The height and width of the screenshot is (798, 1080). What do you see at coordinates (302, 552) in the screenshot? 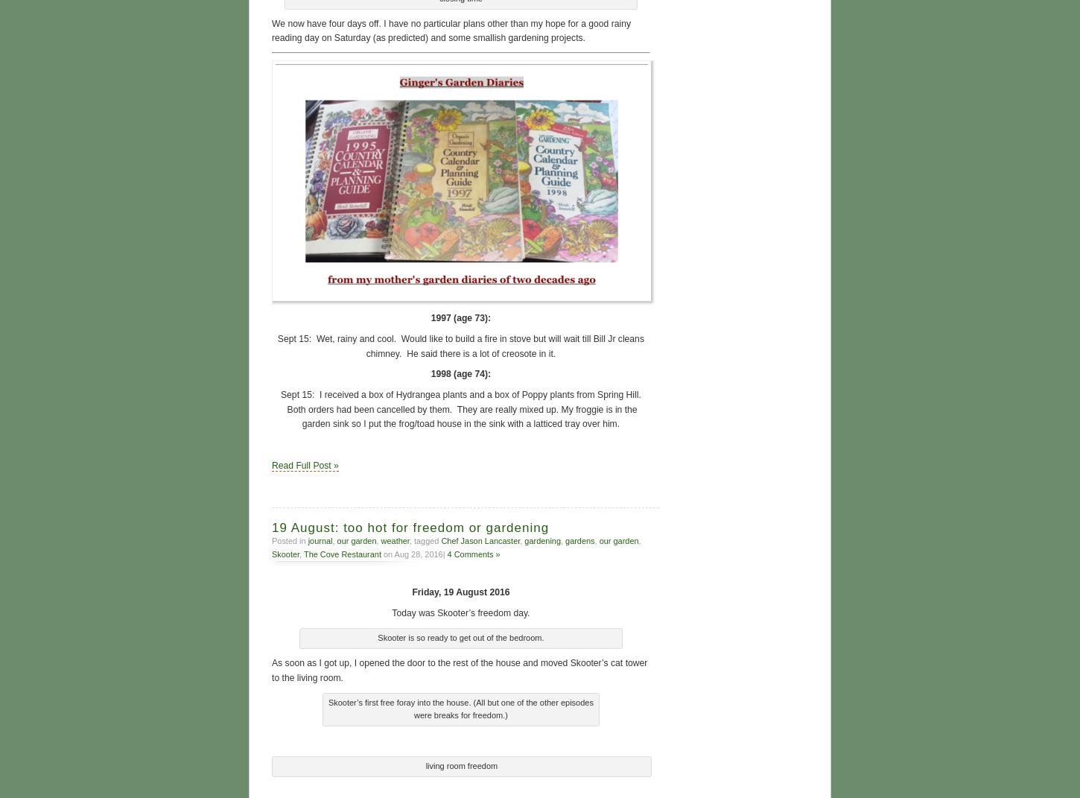
I see `'The Cove Restaurant'` at bounding box center [302, 552].